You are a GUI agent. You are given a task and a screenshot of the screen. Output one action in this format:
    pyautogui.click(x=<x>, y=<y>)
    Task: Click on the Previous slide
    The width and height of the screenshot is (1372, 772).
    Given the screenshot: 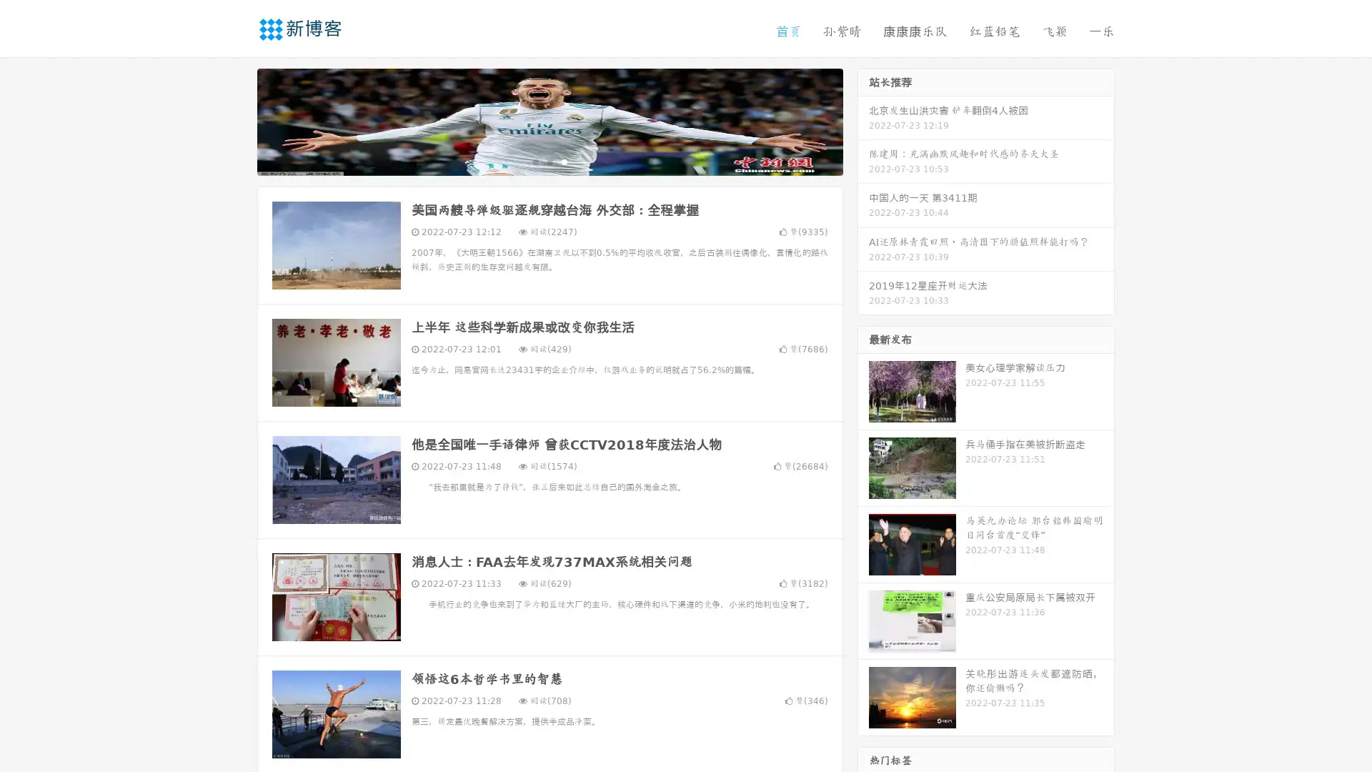 What is the action you would take?
    pyautogui.click(x=236, y=120)
    